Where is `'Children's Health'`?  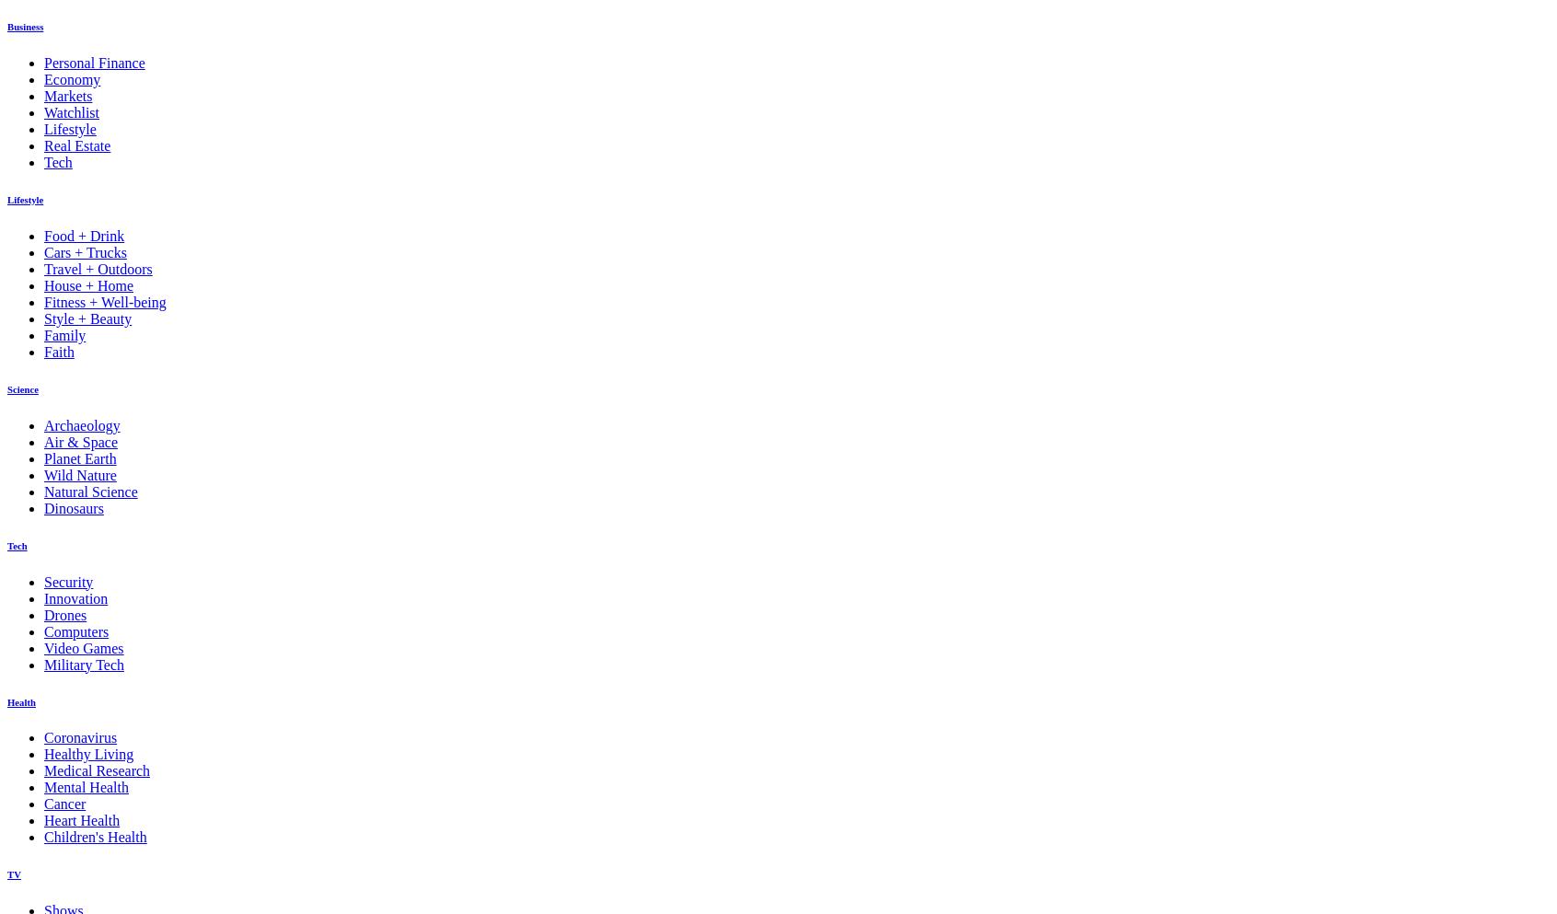
'Children's Health' is located at coordinates (95, 837).